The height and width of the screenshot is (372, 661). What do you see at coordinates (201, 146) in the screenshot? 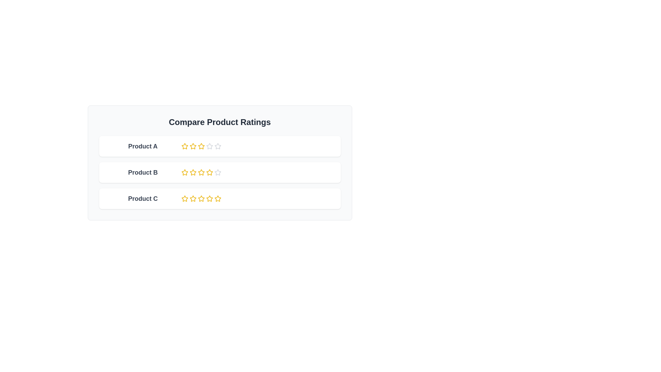
I see `the fourth yellow star icon in the rating component for 'Product A', which is part of a horizontal list of five stars` at bounding box center [201, 146].